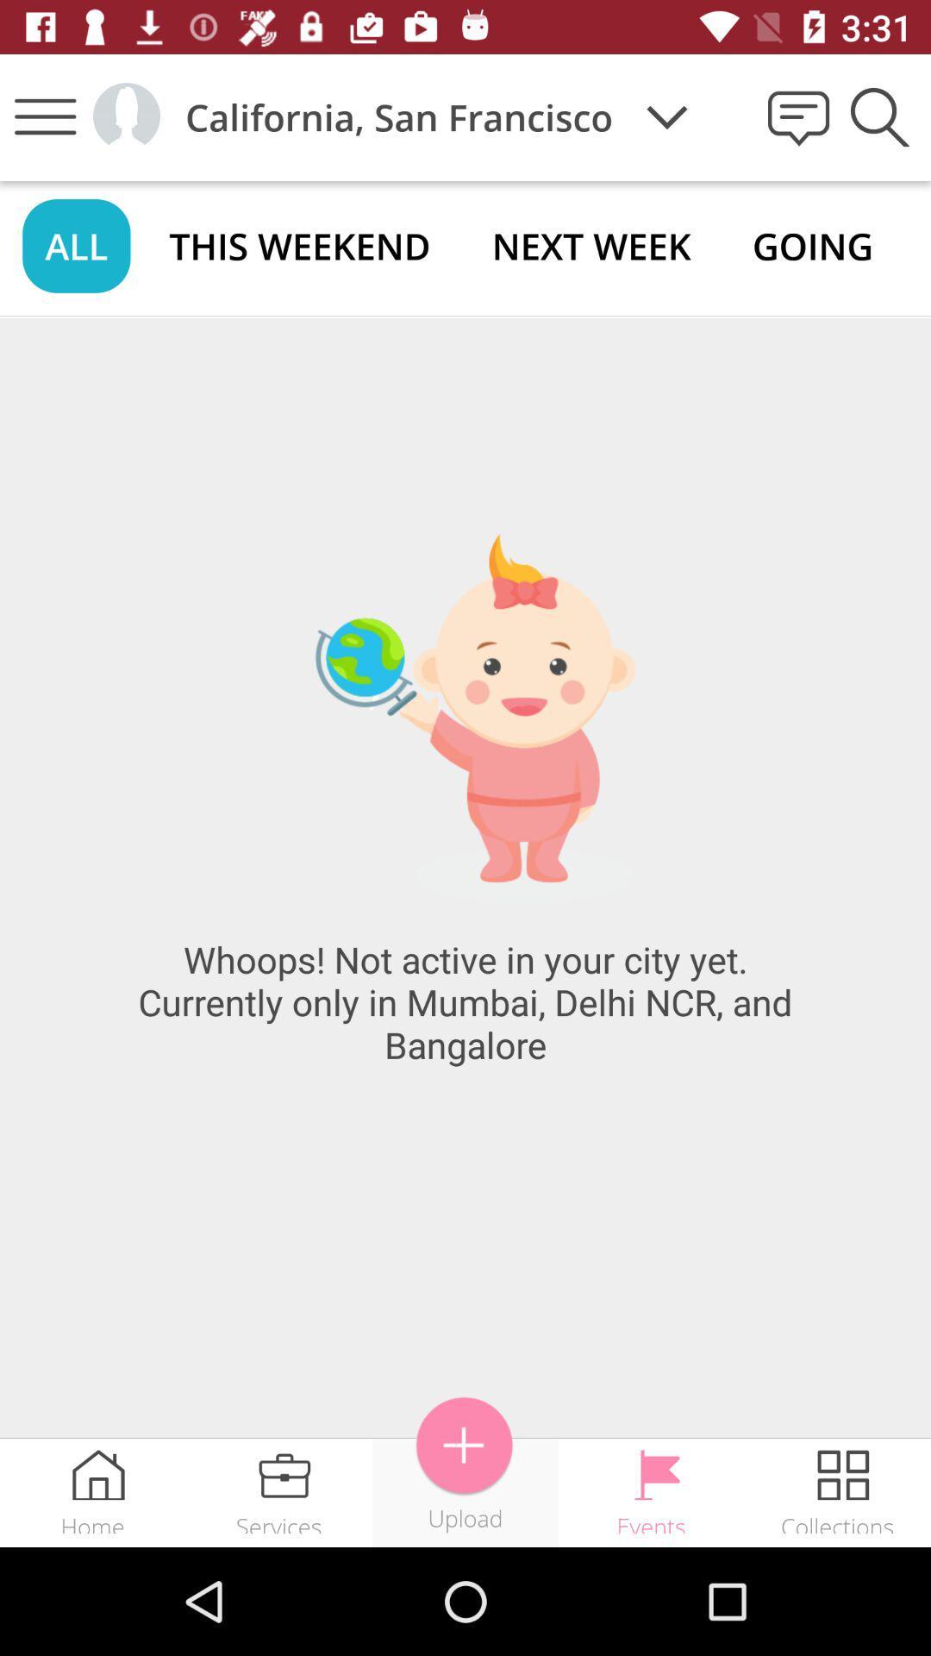 This screenshot has height=1656, width=931. I want to click on the icon next to the this weekend, so click(75, 245).